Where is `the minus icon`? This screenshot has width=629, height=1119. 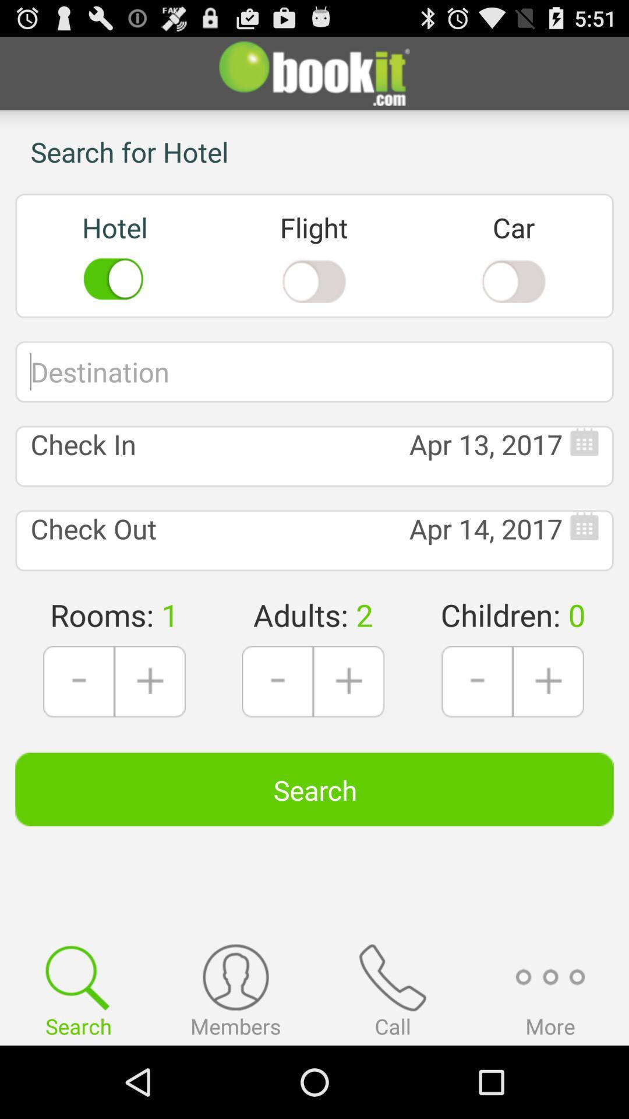 the minus icon is located at coordinates (277, 729).